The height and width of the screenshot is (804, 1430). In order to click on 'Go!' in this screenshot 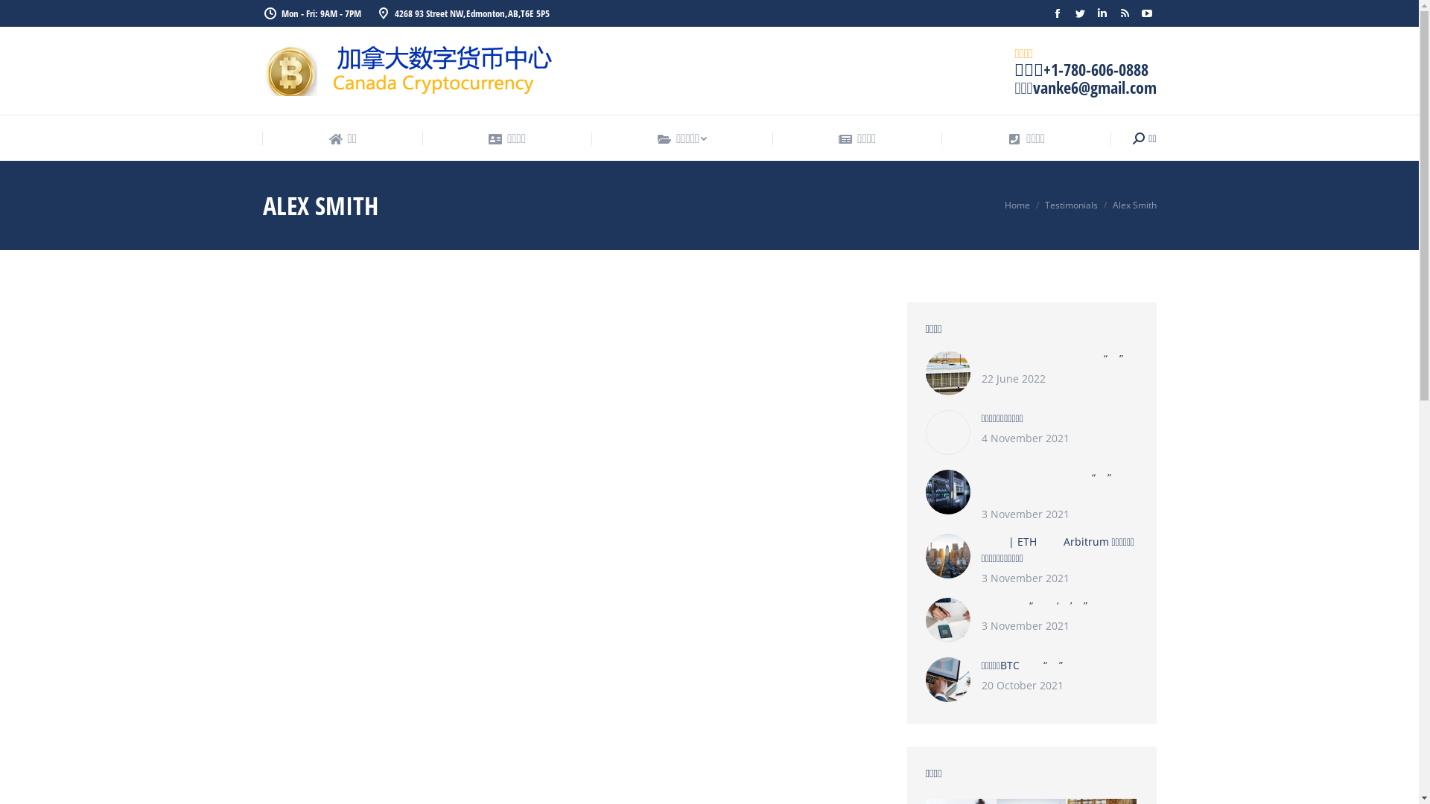, I will do `click(22, 15)`.